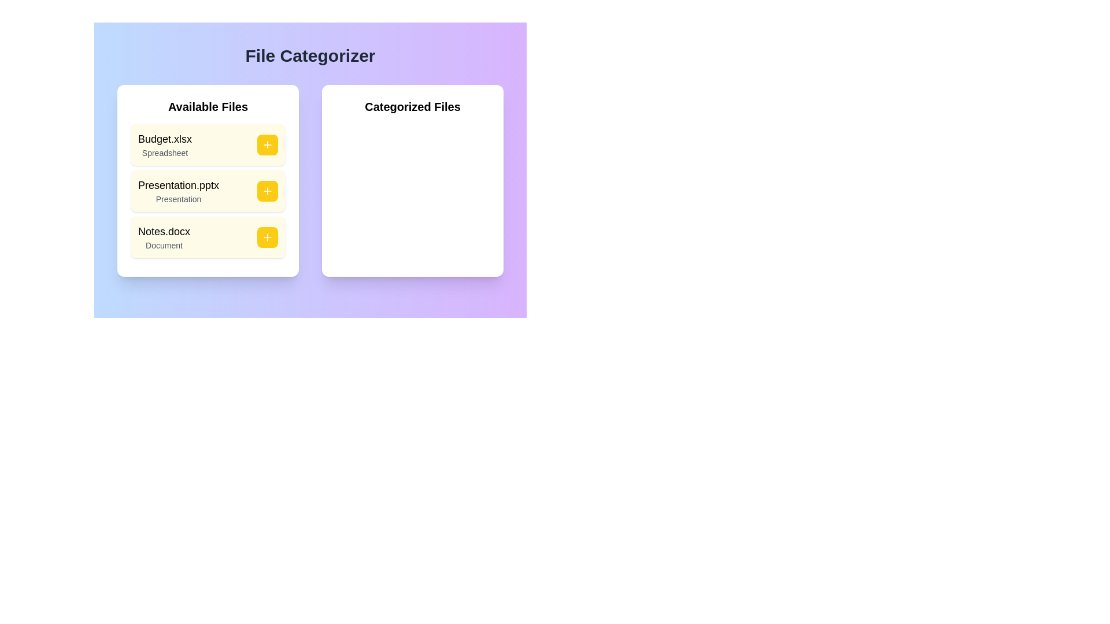  I want to click on text label displaying 'Notes.docx' with the subtitle 'Document' located in the bottom row of the 'Available Files' section, so click(163, 237).